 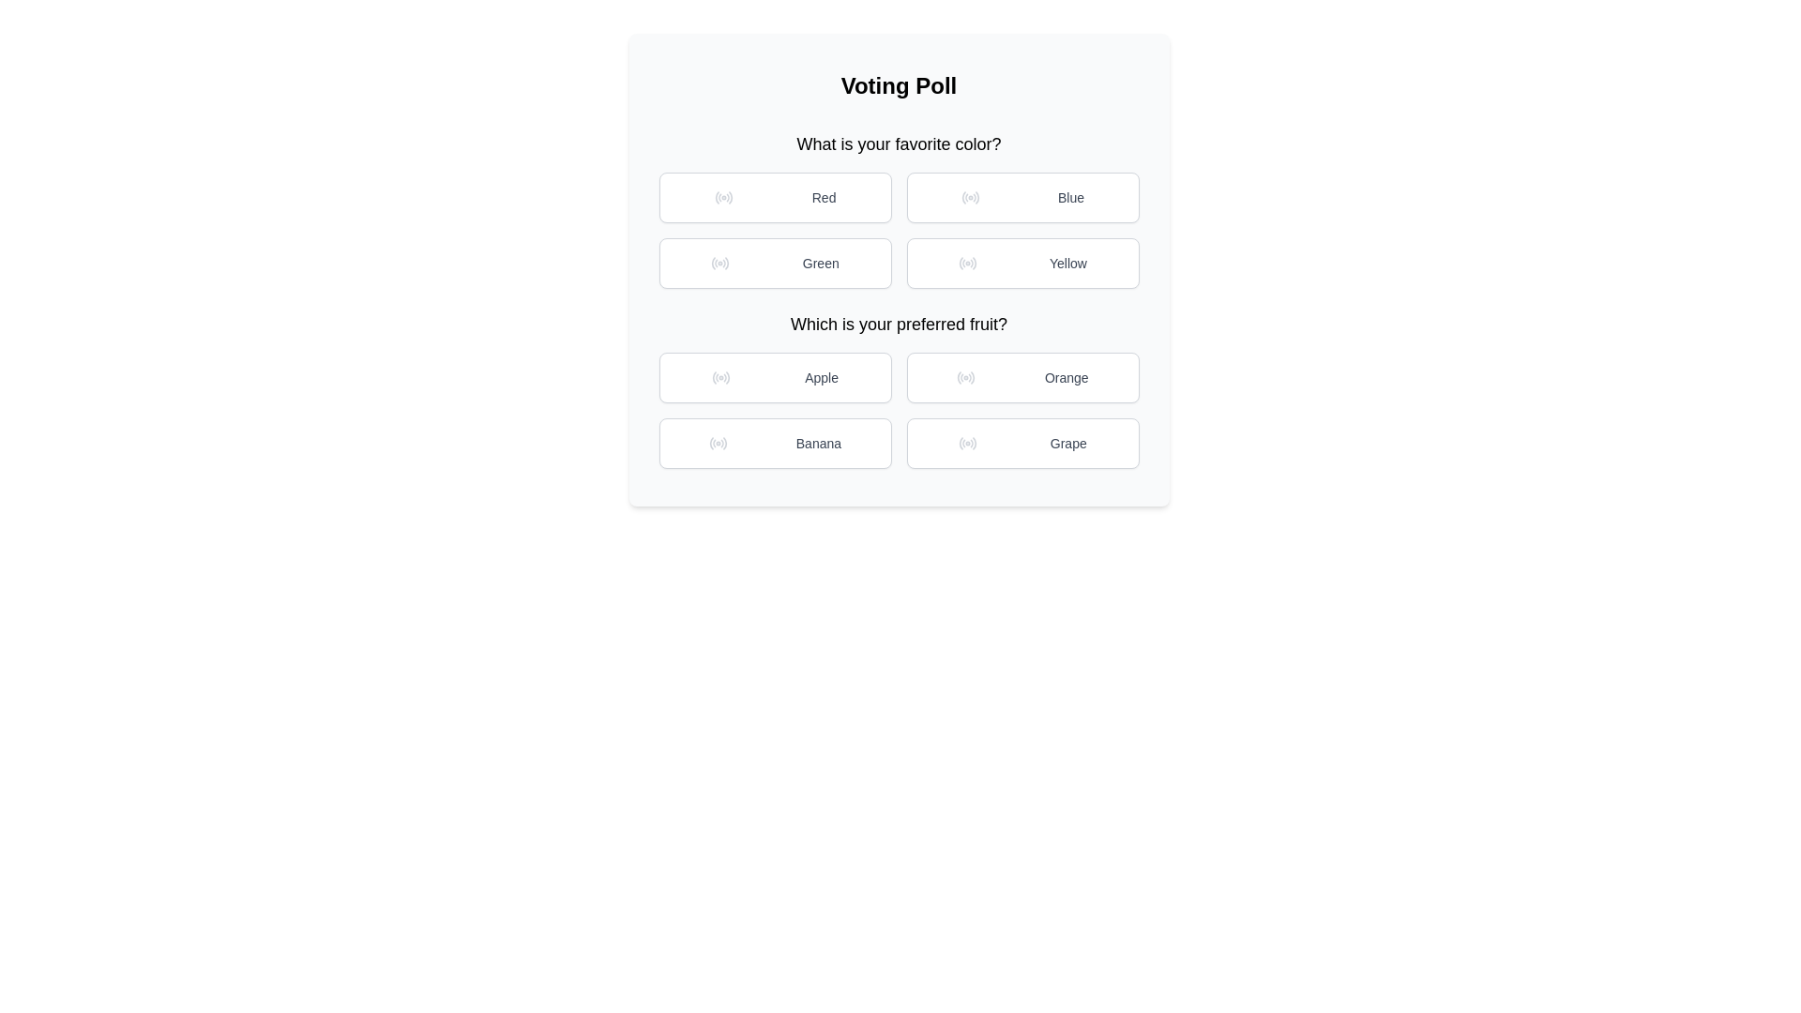 I want to click on the selectable radio button option labeled 'Banana' in the poll section 'Which is your preferred fruit?' to observe the hover effect, so click(x=775, y=444).